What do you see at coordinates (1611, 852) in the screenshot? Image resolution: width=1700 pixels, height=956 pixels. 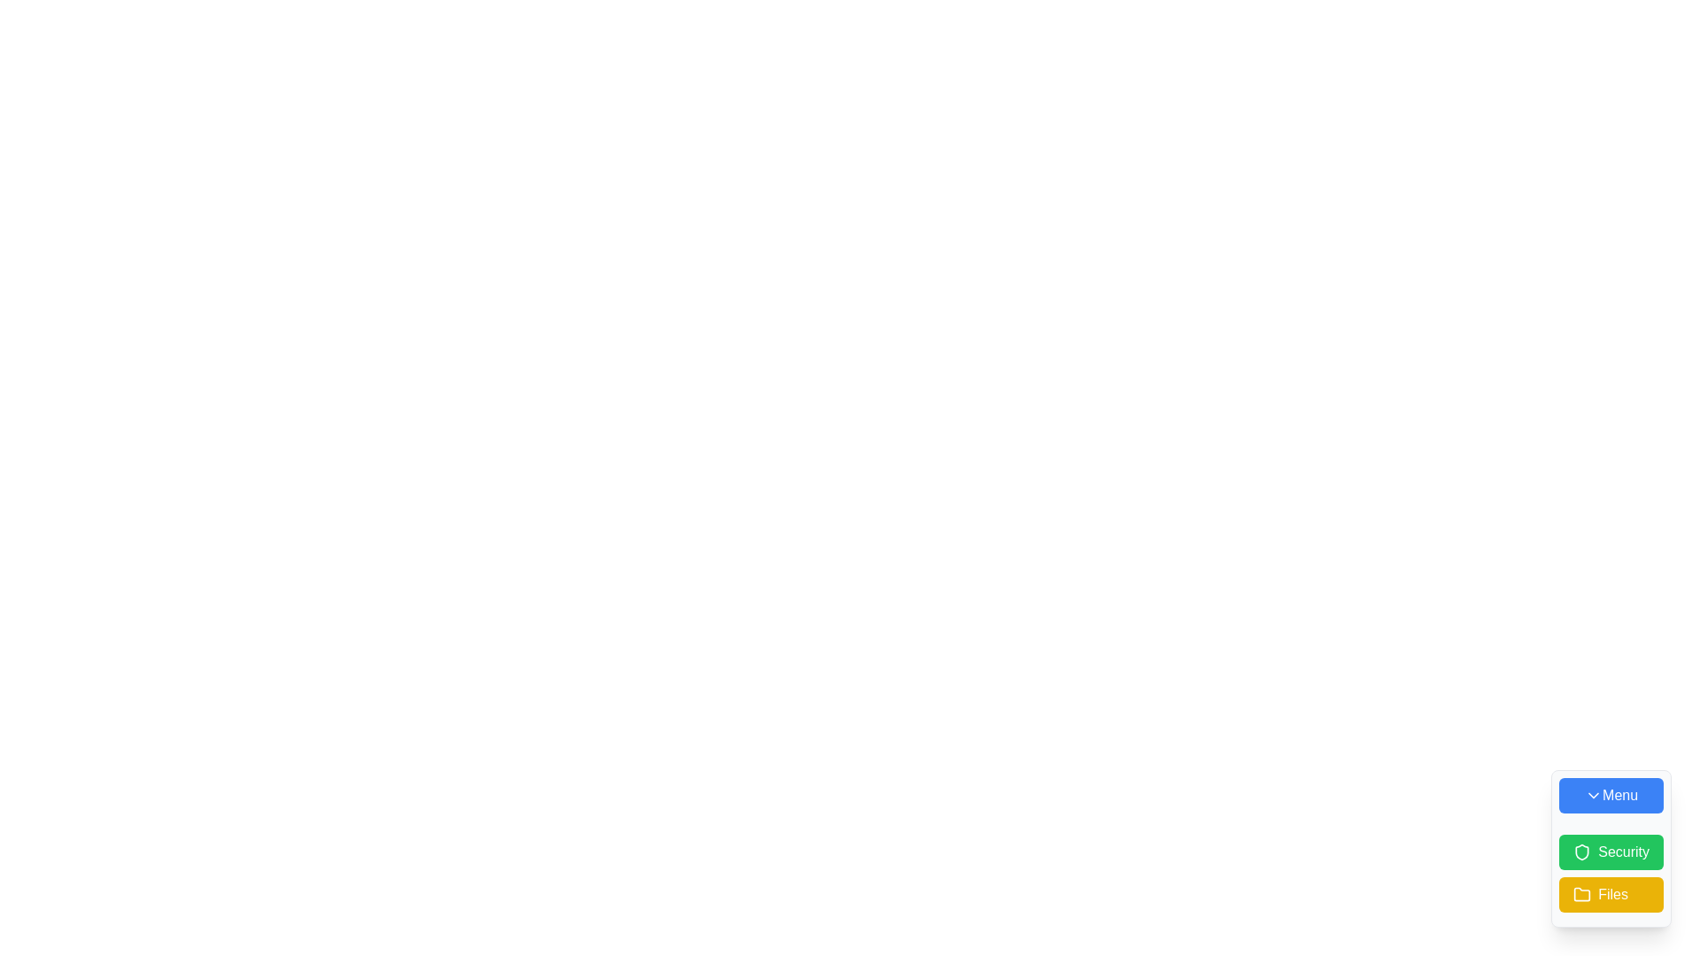 I see `the second button in a vertical stack of three buttons, located below the blue button labeled 'Menu' and above the yellow button labeled 'Files'` at bounding box center [1611, 852].